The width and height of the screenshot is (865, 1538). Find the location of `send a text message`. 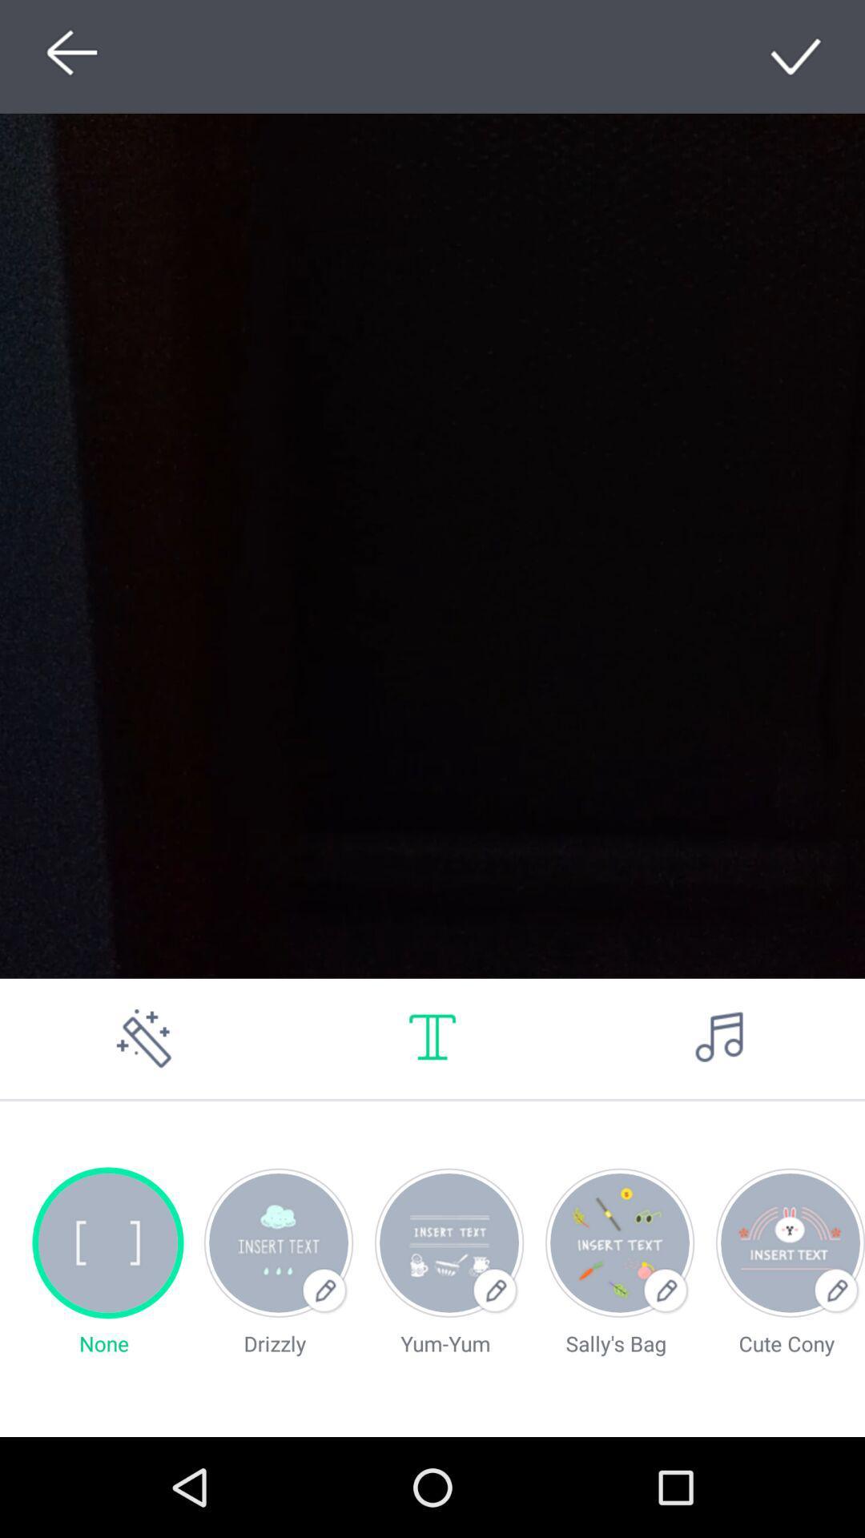

send a text message is located at coordinates (432, 1038).